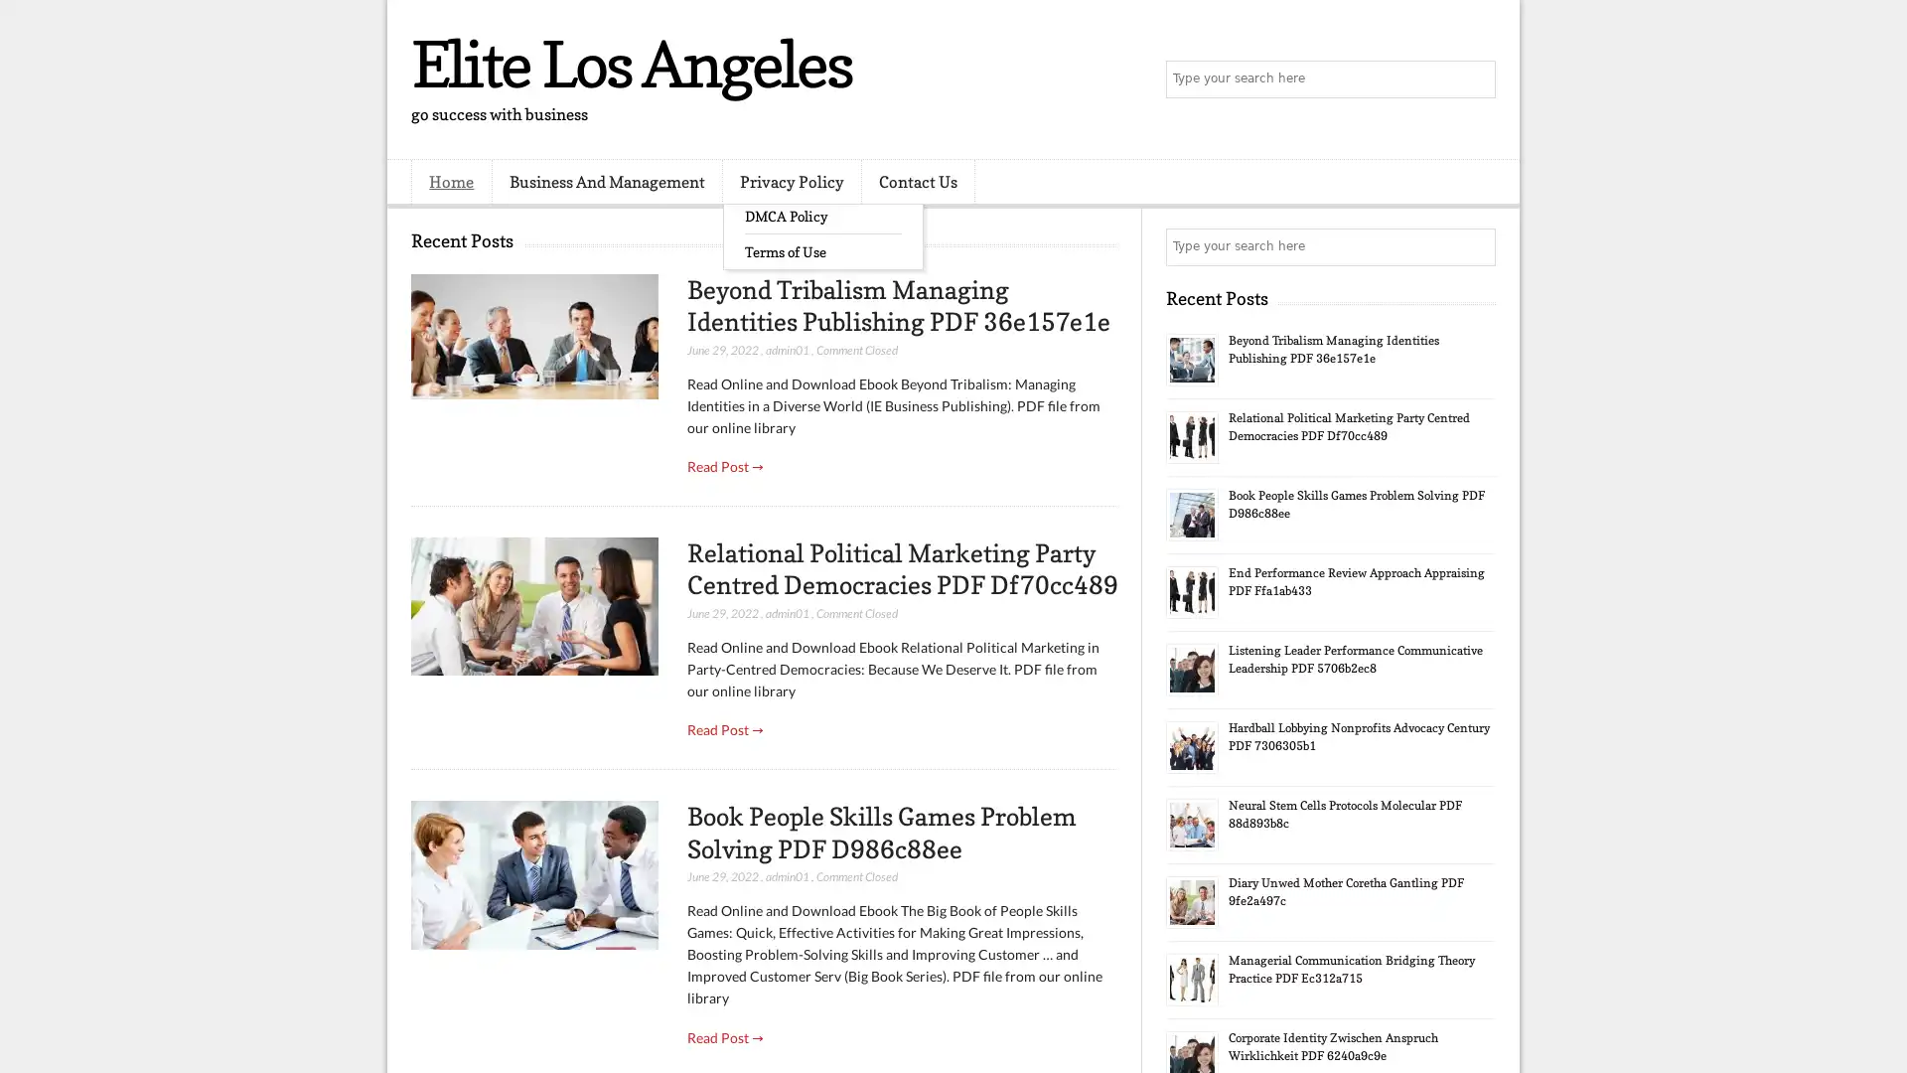 The width and height of the screenshot is (1907, 1073). What do you see at coordinates (1475, 246) in the screenshot?
I see `Search` at bounding box center [1475, 246].